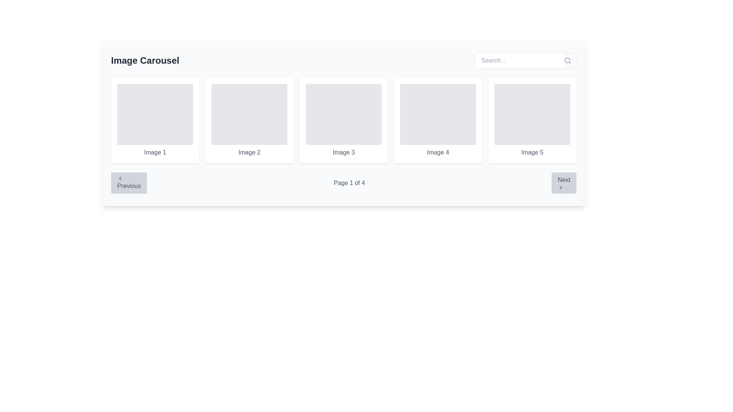 The height and width of the screenshot is (412, 733). What do you see at coordinates (560, 188) in the screenshot?
I see `the chevron icon embedded within the 'Next' button at the bottom-right corner of the image carousel` at bounding box center [560, 188].